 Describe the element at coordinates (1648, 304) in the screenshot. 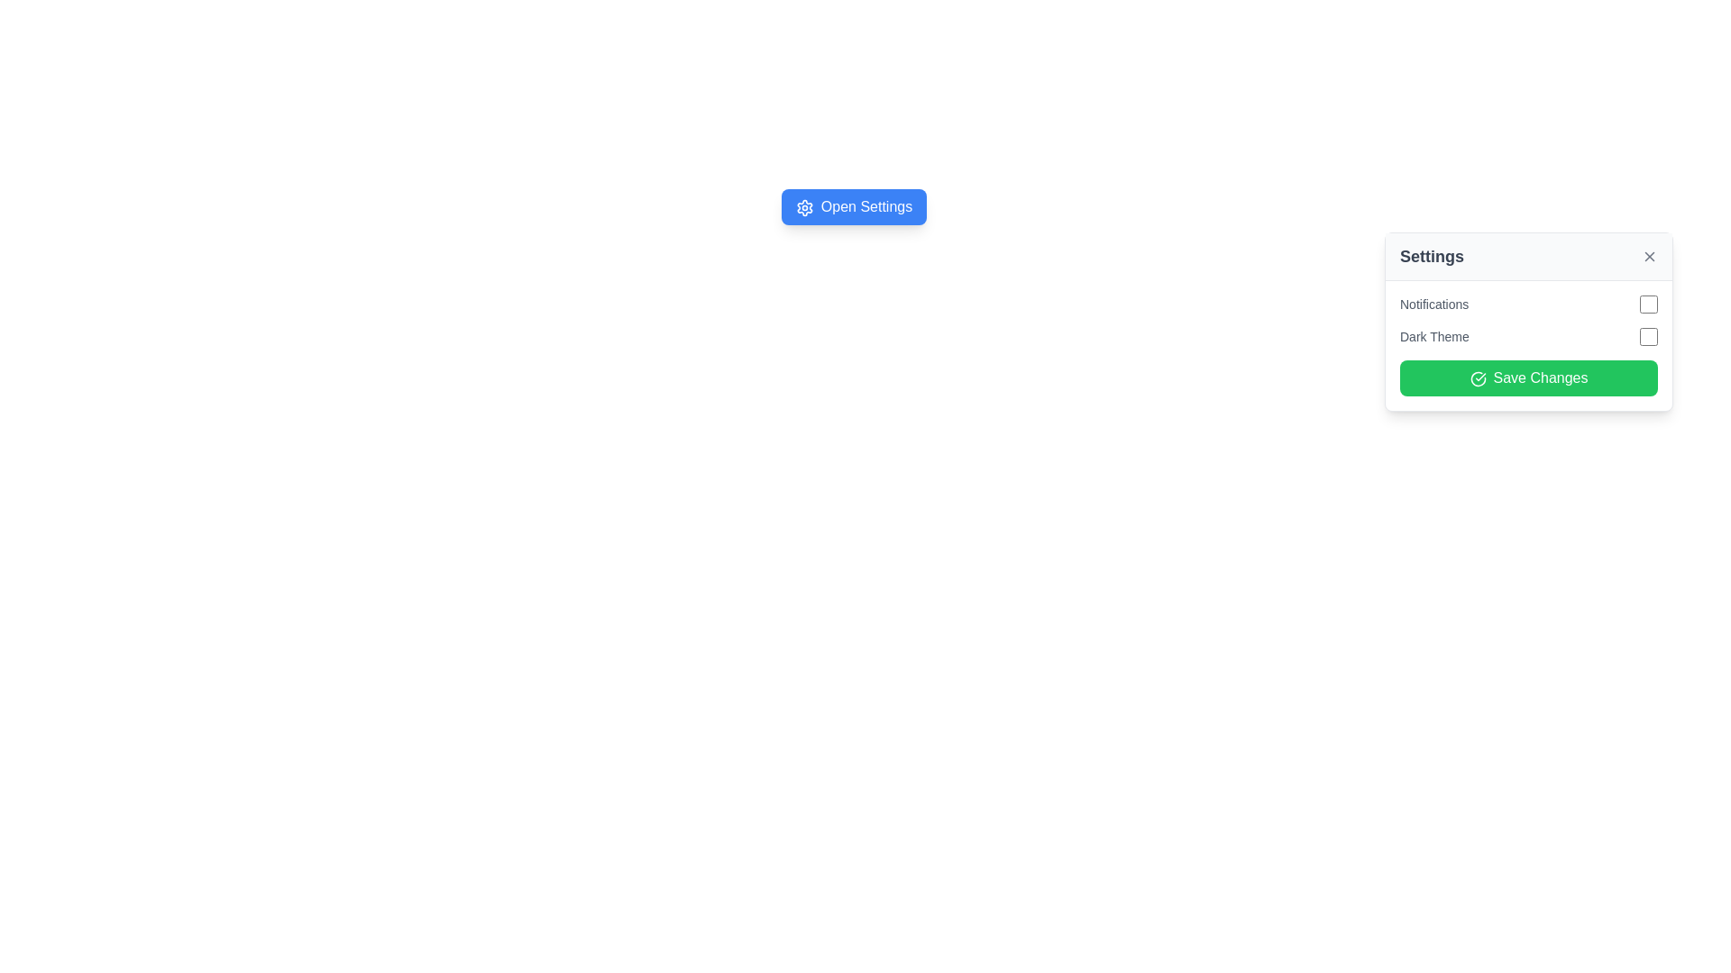

I see `the checkbox located within the settings card interface, to the right of the 'Notifications' text label` at that location.